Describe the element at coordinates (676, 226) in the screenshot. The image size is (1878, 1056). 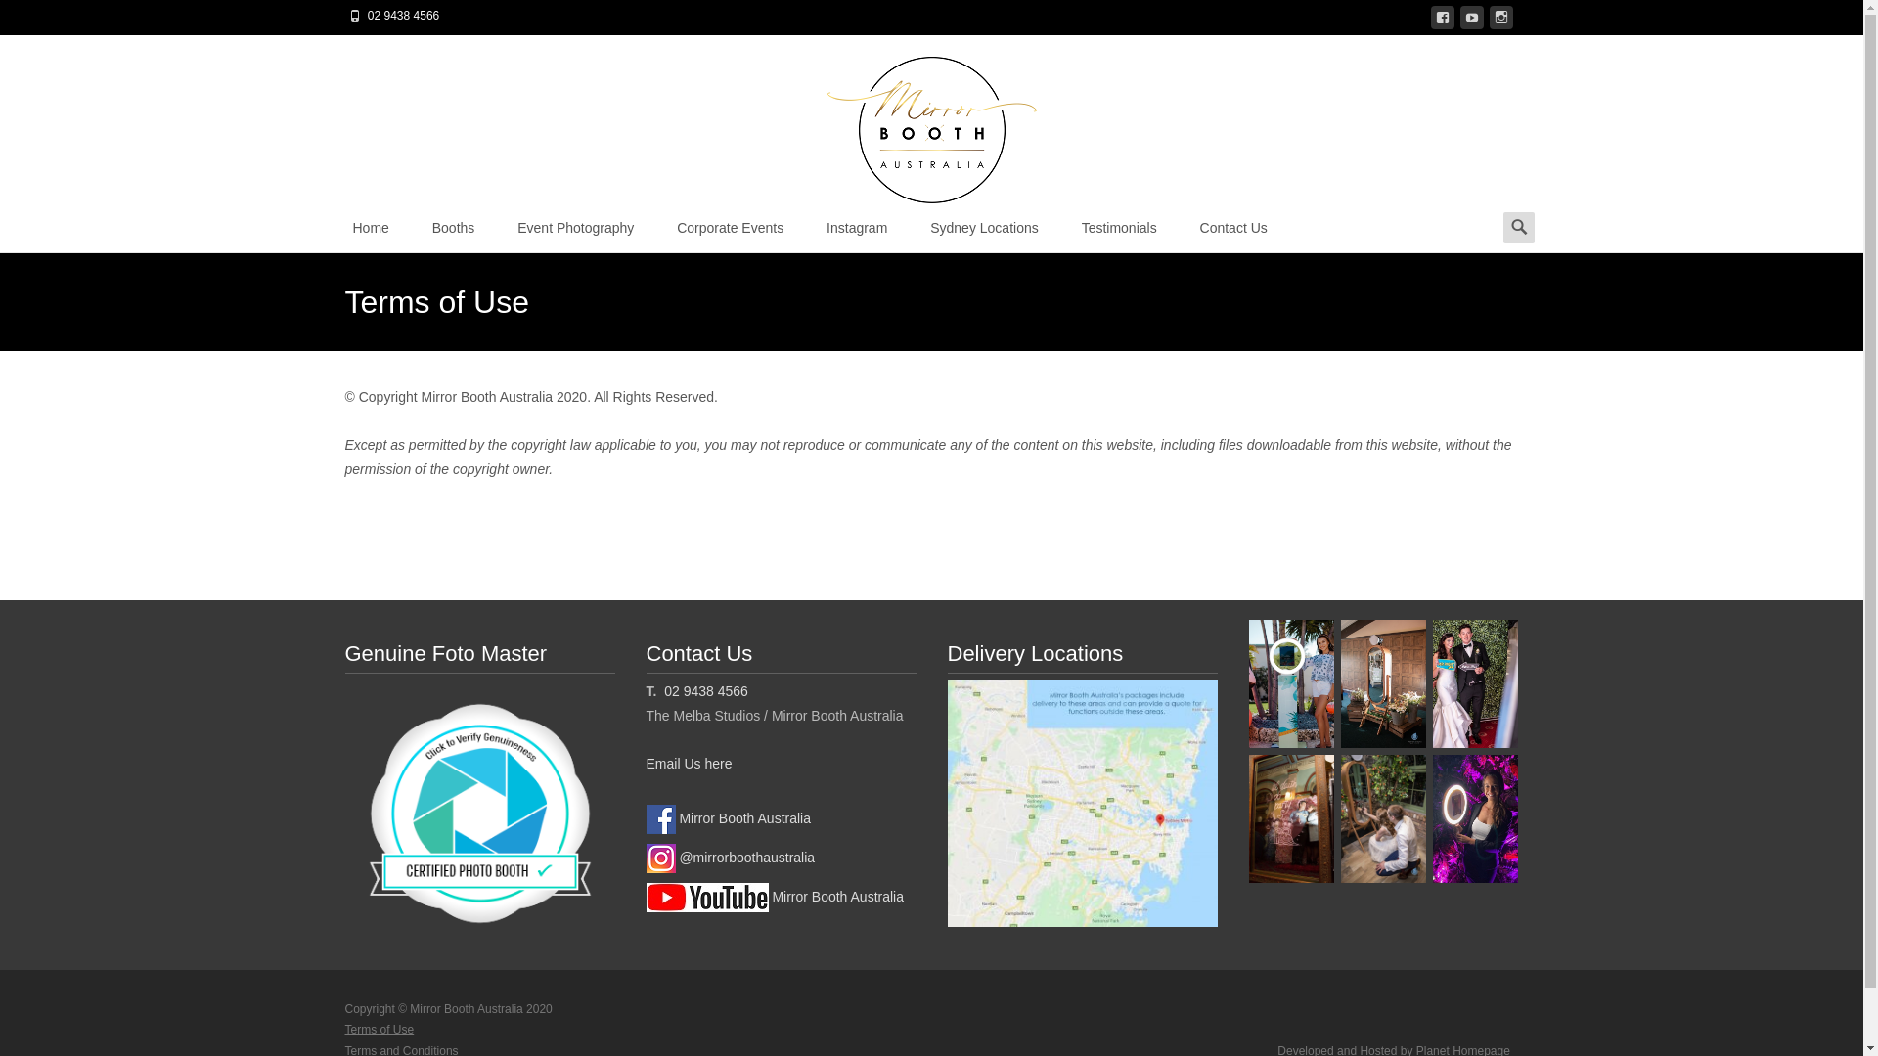
I see `'Corporate Events'` at that location.